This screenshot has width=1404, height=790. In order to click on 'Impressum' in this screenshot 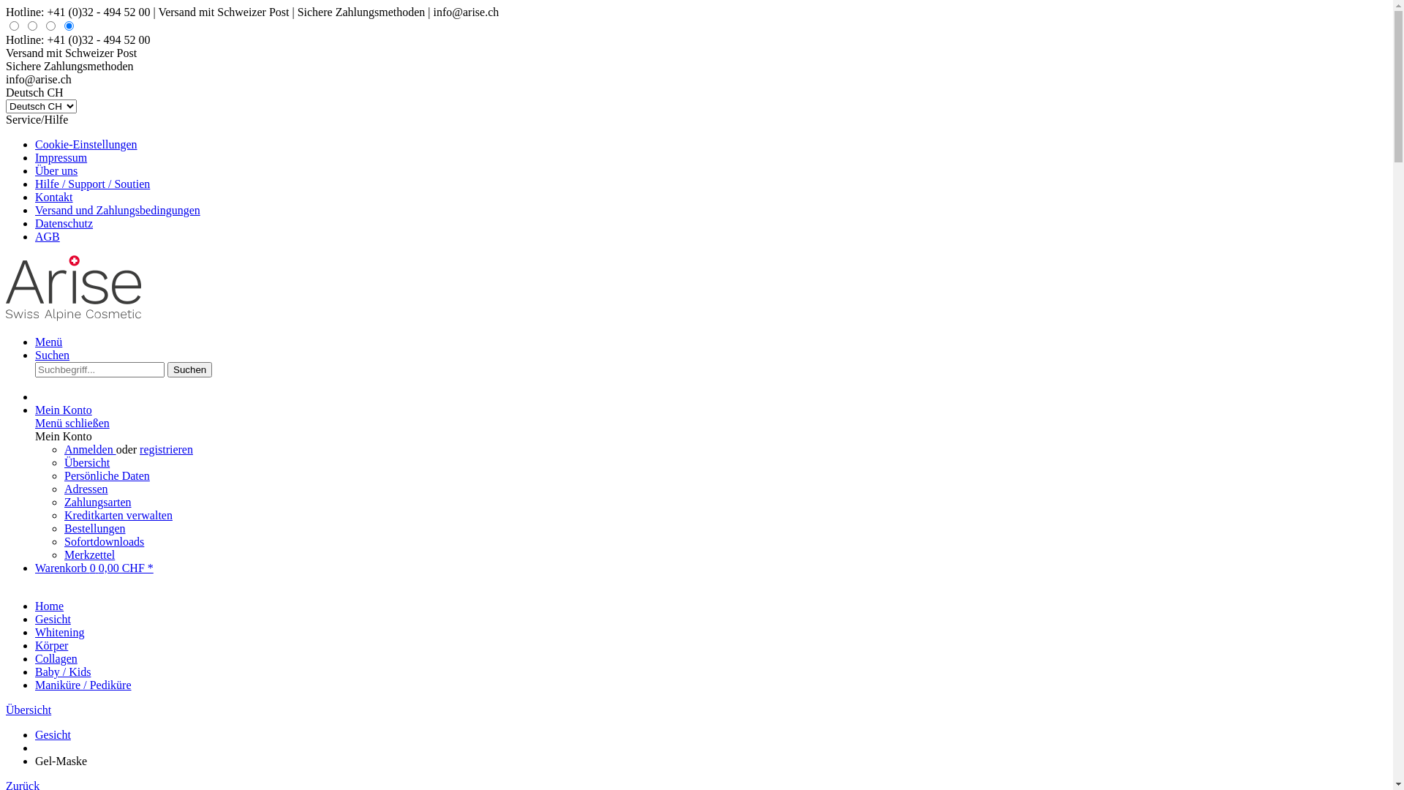, I will do `click(60, 157)`.